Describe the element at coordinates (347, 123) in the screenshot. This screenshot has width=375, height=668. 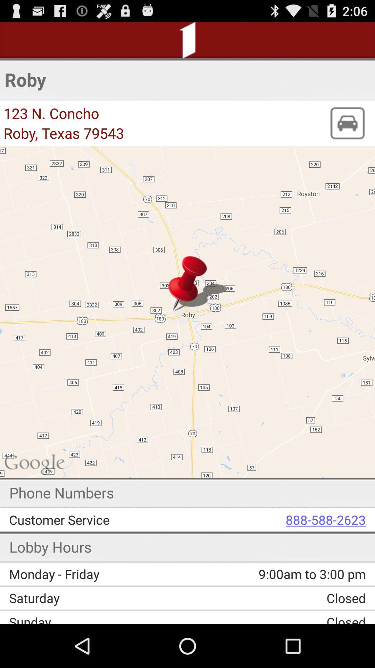
I see `the icon next to roby, texas 79543` at that location.